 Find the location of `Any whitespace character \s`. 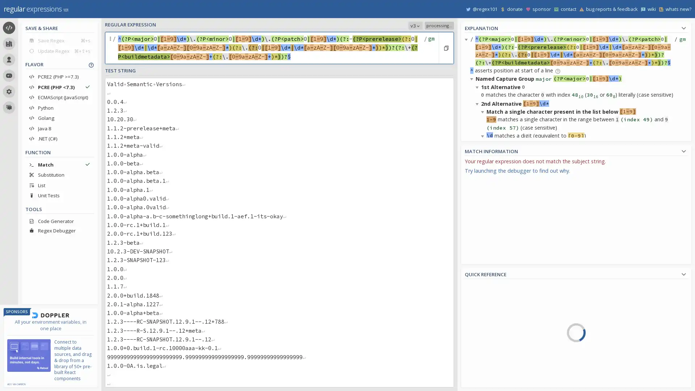

Any whitespace character \s is located at coordinates (612, 359).